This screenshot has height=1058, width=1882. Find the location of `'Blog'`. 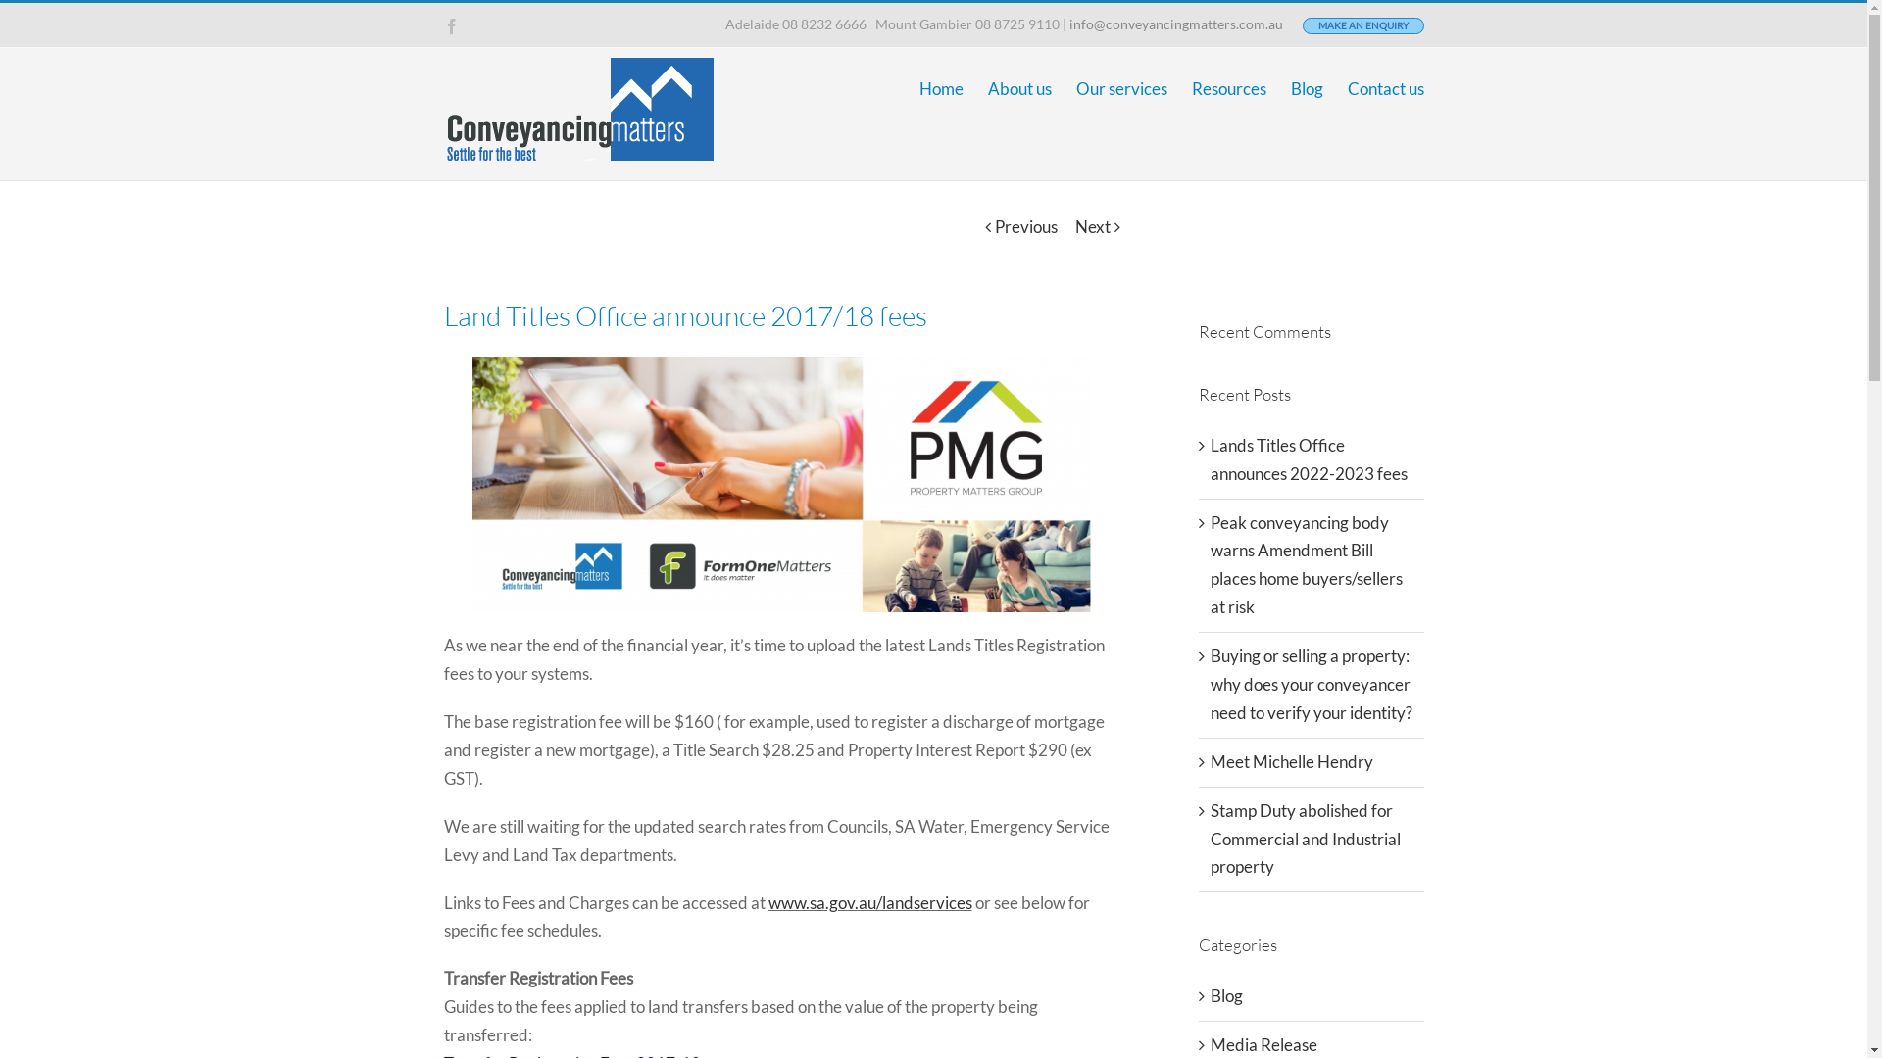

'Blog' is located at coordinates (1312, 996).